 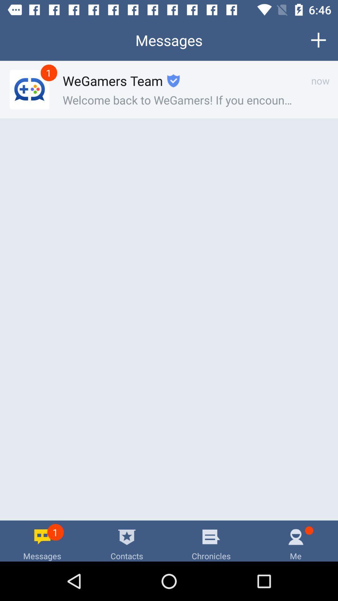 What do you see at coordinates (296, 541) in the screenshot?
I see `the button on the bottom right corner of the web page` at bounding box center [296, 541].